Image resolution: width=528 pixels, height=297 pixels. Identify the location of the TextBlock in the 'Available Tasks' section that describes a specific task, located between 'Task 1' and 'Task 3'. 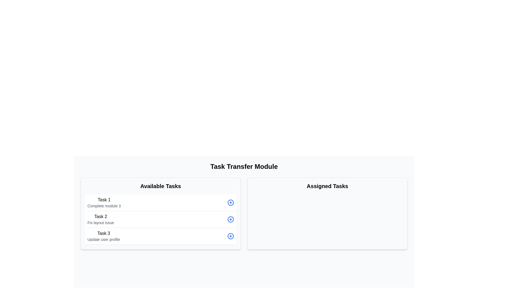
(101, 219).